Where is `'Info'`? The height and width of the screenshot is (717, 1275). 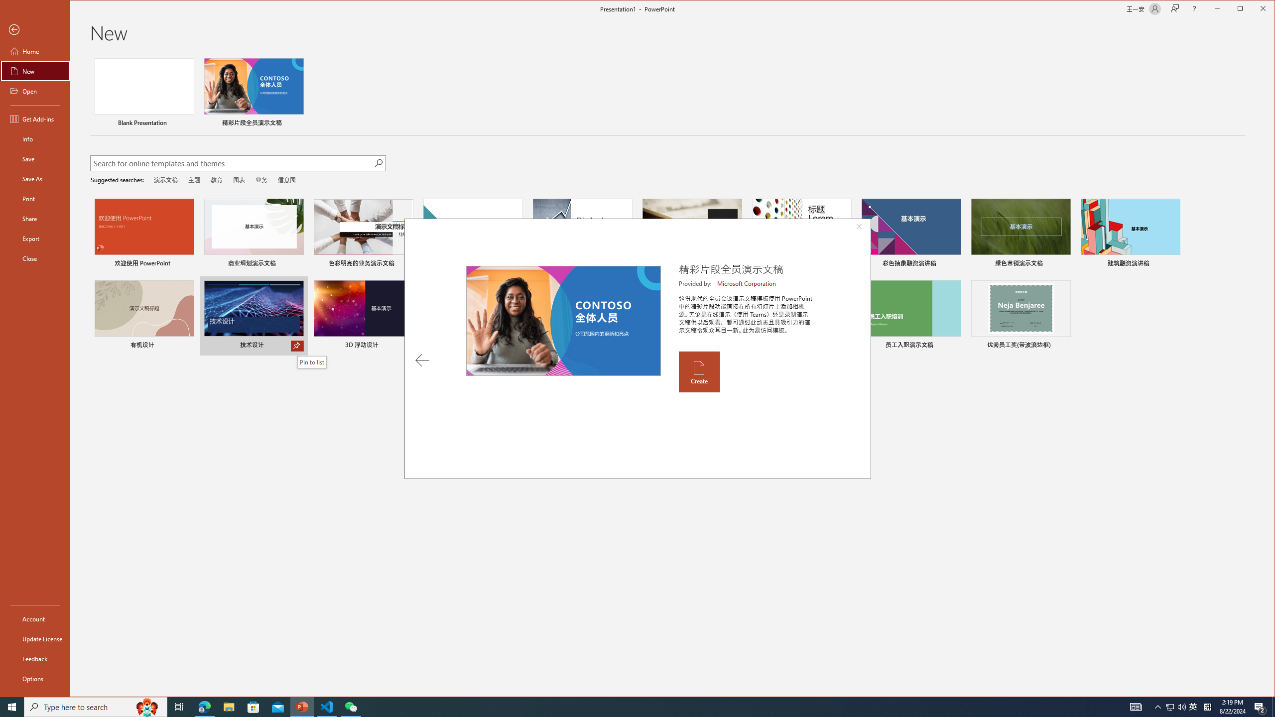
'Info' is located at coordinates (34, 139).